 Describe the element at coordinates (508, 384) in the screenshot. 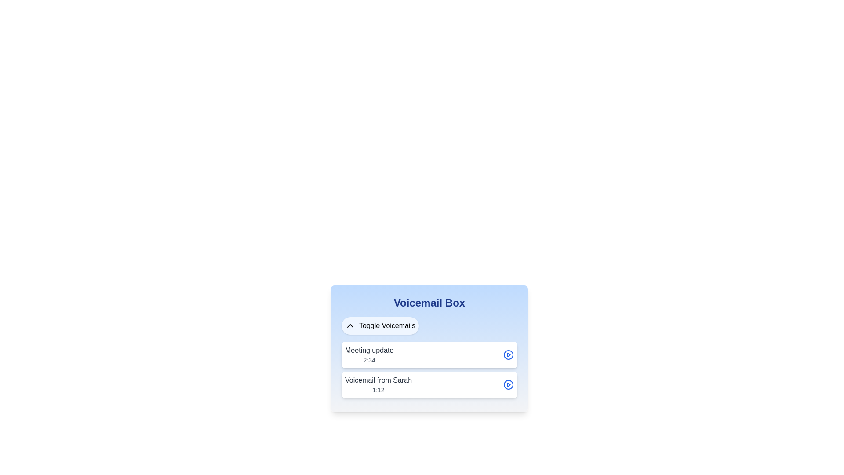

I see `the circular button with a blue outline and triangular 'play' symbol inside, located in the lower-right section of the 'Voicemail from Sarah' component` at that location.